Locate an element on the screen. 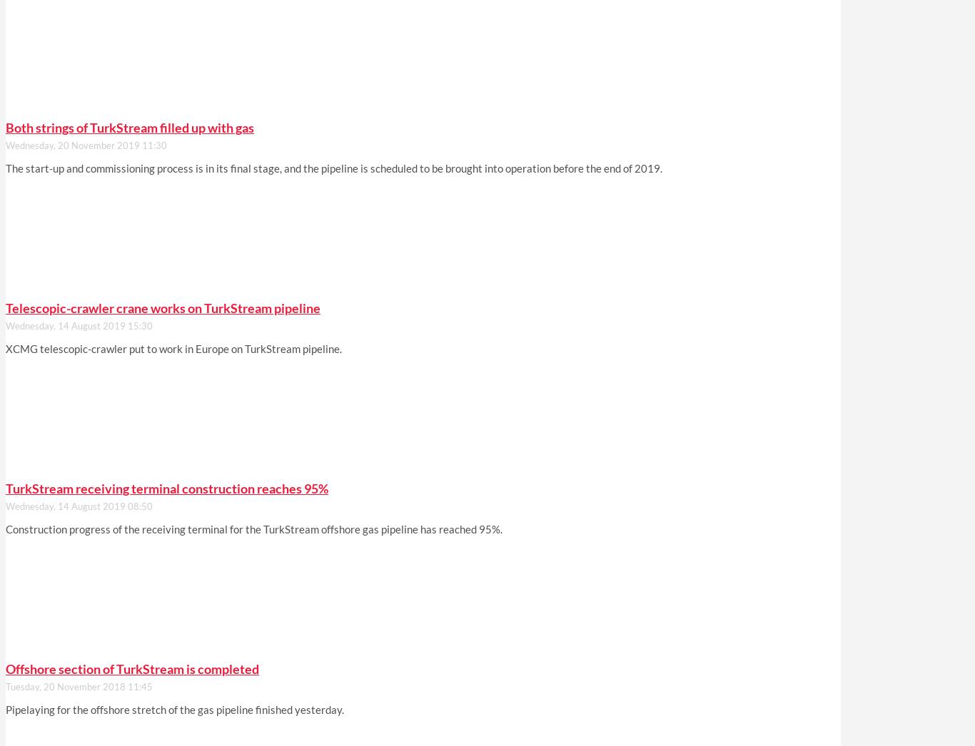 The image size is (975, 746). 'Wednesday, 14 August 2019 08:50' is located at coordinates (79, 506).